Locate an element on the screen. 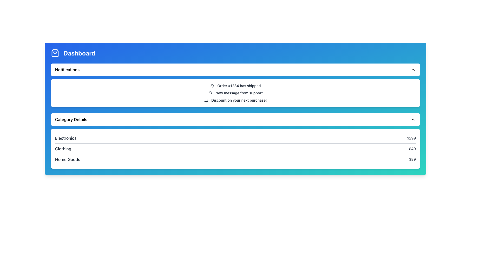  the third list item in the 'Category Details' section, which displays 'Home Goods' on the left and '$89' on the right, characterized by a clean style and a thin underline is located at coordinates (235, 159).